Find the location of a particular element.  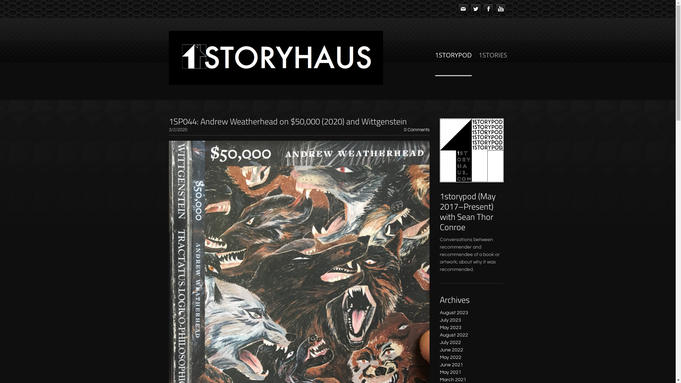

'June 2022' is located at coordinates (451, 350).